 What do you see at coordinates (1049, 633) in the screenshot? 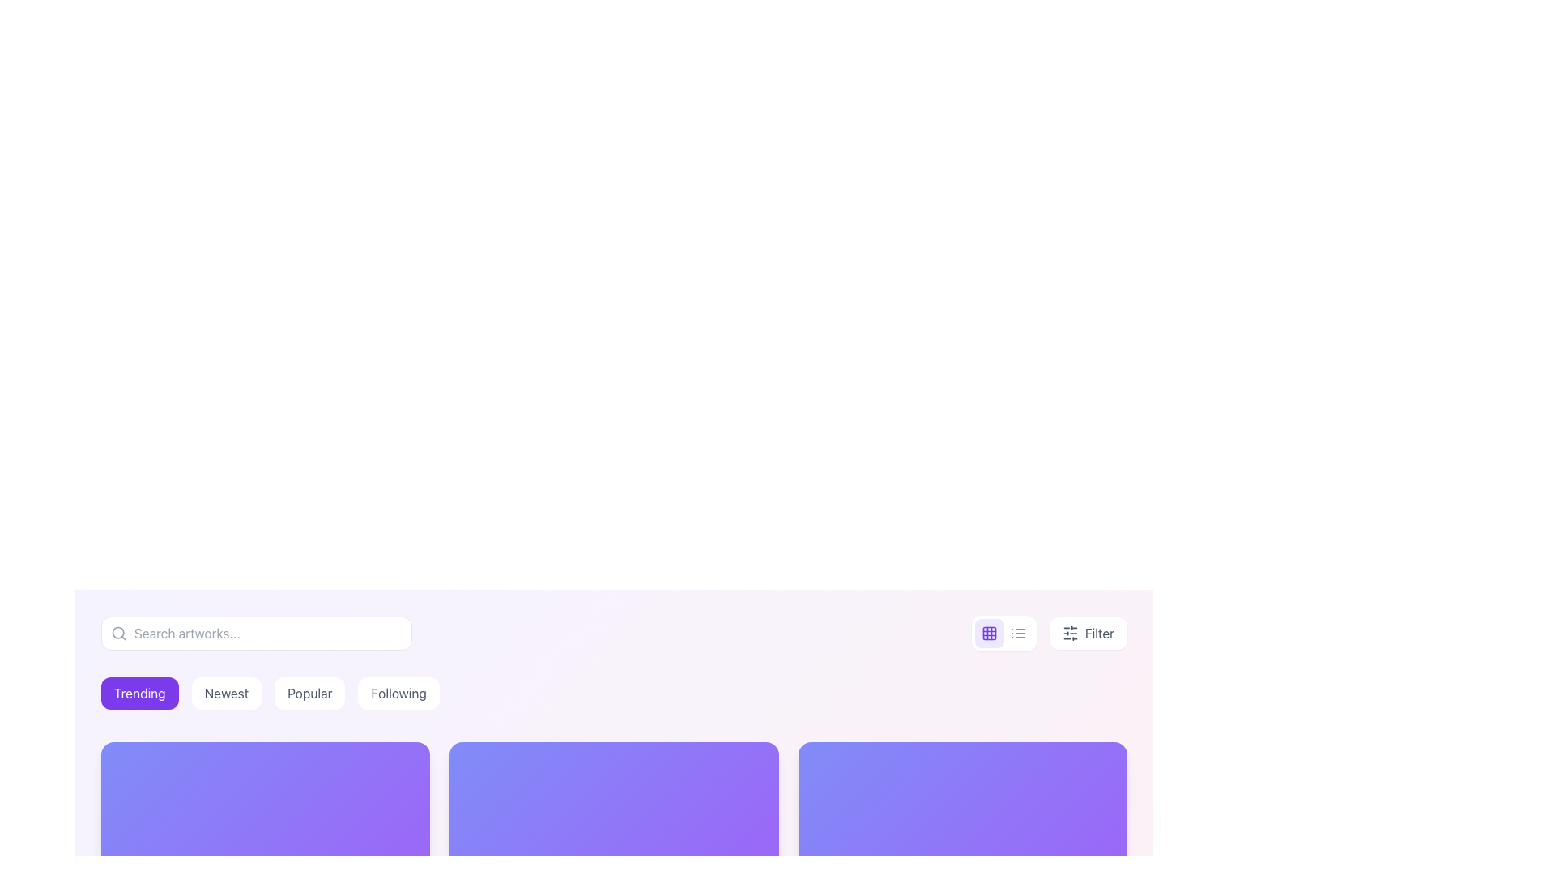
I see `the 'Filter' button, which is styled with a white background and rounded edges, located at the far right of a horizontal button group containing display options` at bounding box center [1049, 633].